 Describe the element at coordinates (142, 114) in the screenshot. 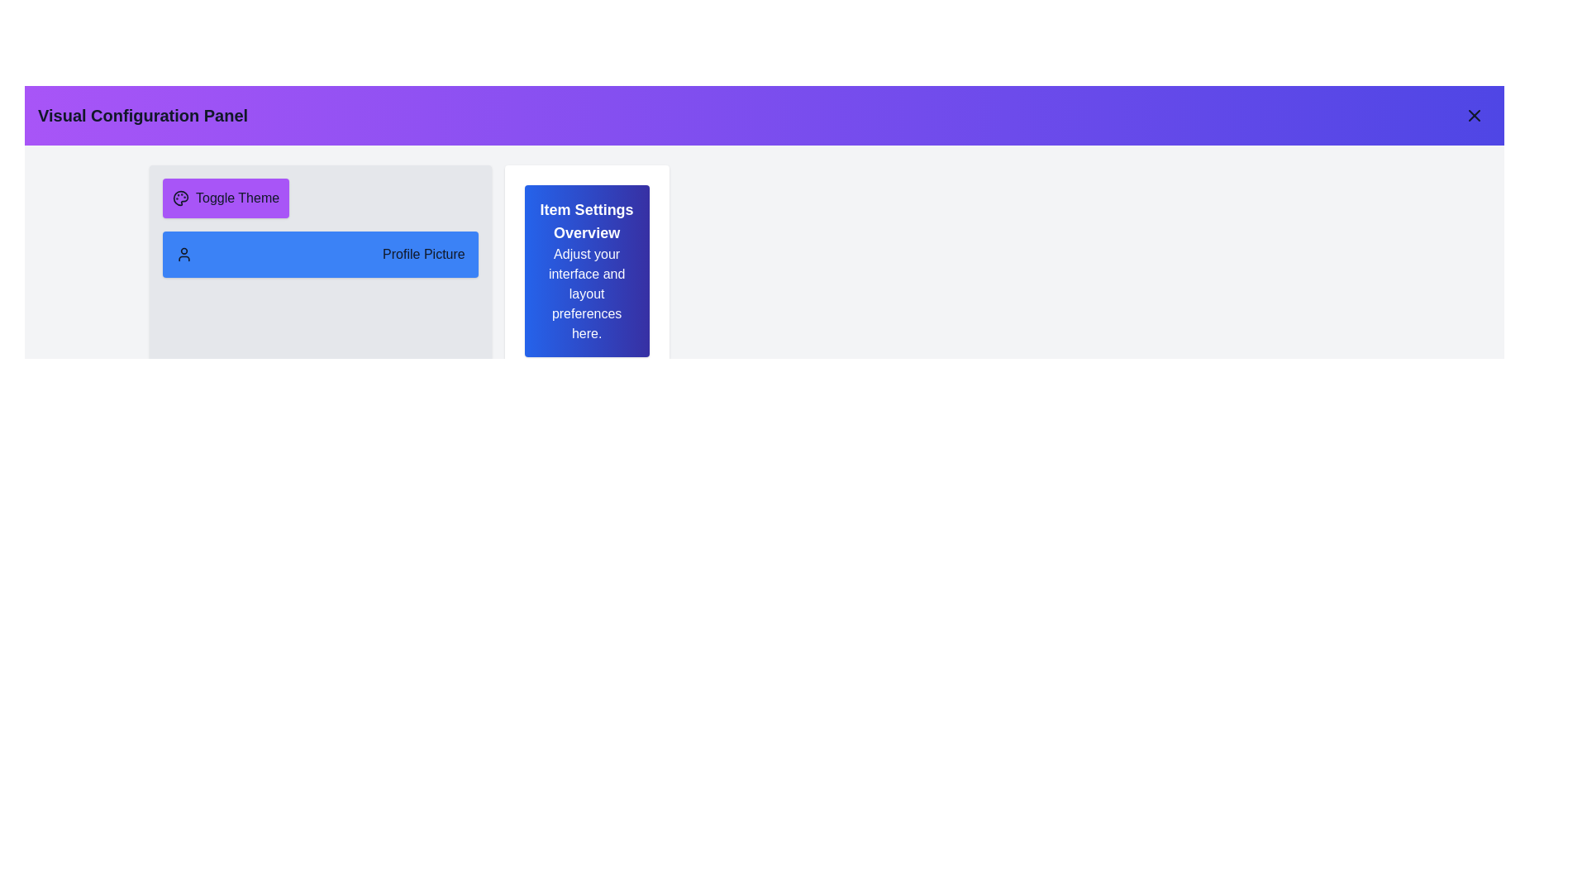

I see `the title text display element that serves as the title for the visual configuration panel section, providing context for the interface below it` at that location.